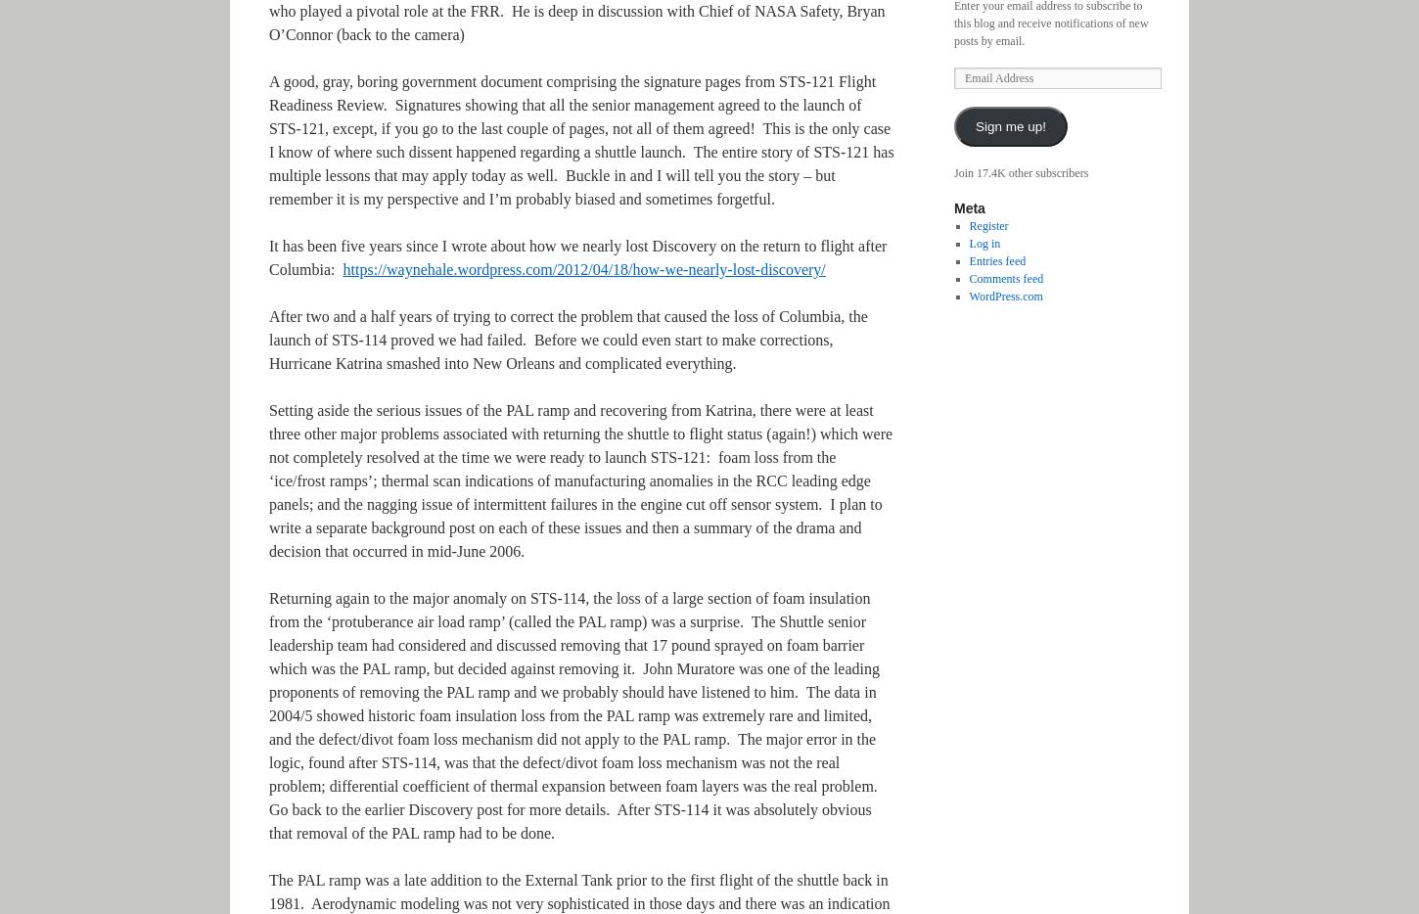 The image size is (1419, 914). I want to click on 'After two and a half years of trying to correct the problem that caused the loss of Columbia, the launch of STS-114 proved we had failed.  Before we could even start to make corrections, Hurricane Katrina smashed into New Orleans and complicated everything.', so click(568, 340).